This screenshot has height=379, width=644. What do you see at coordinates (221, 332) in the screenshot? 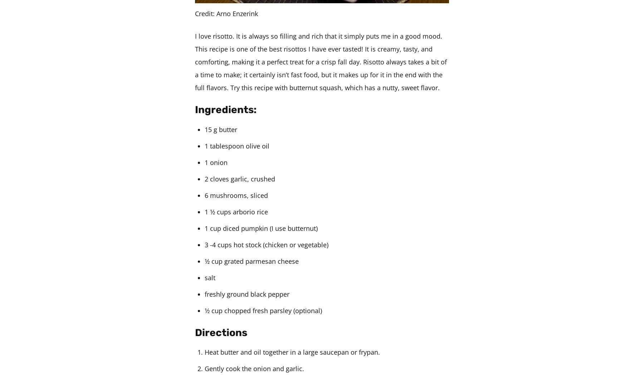
I see `'Directions'` at bounding box center [221, 332].